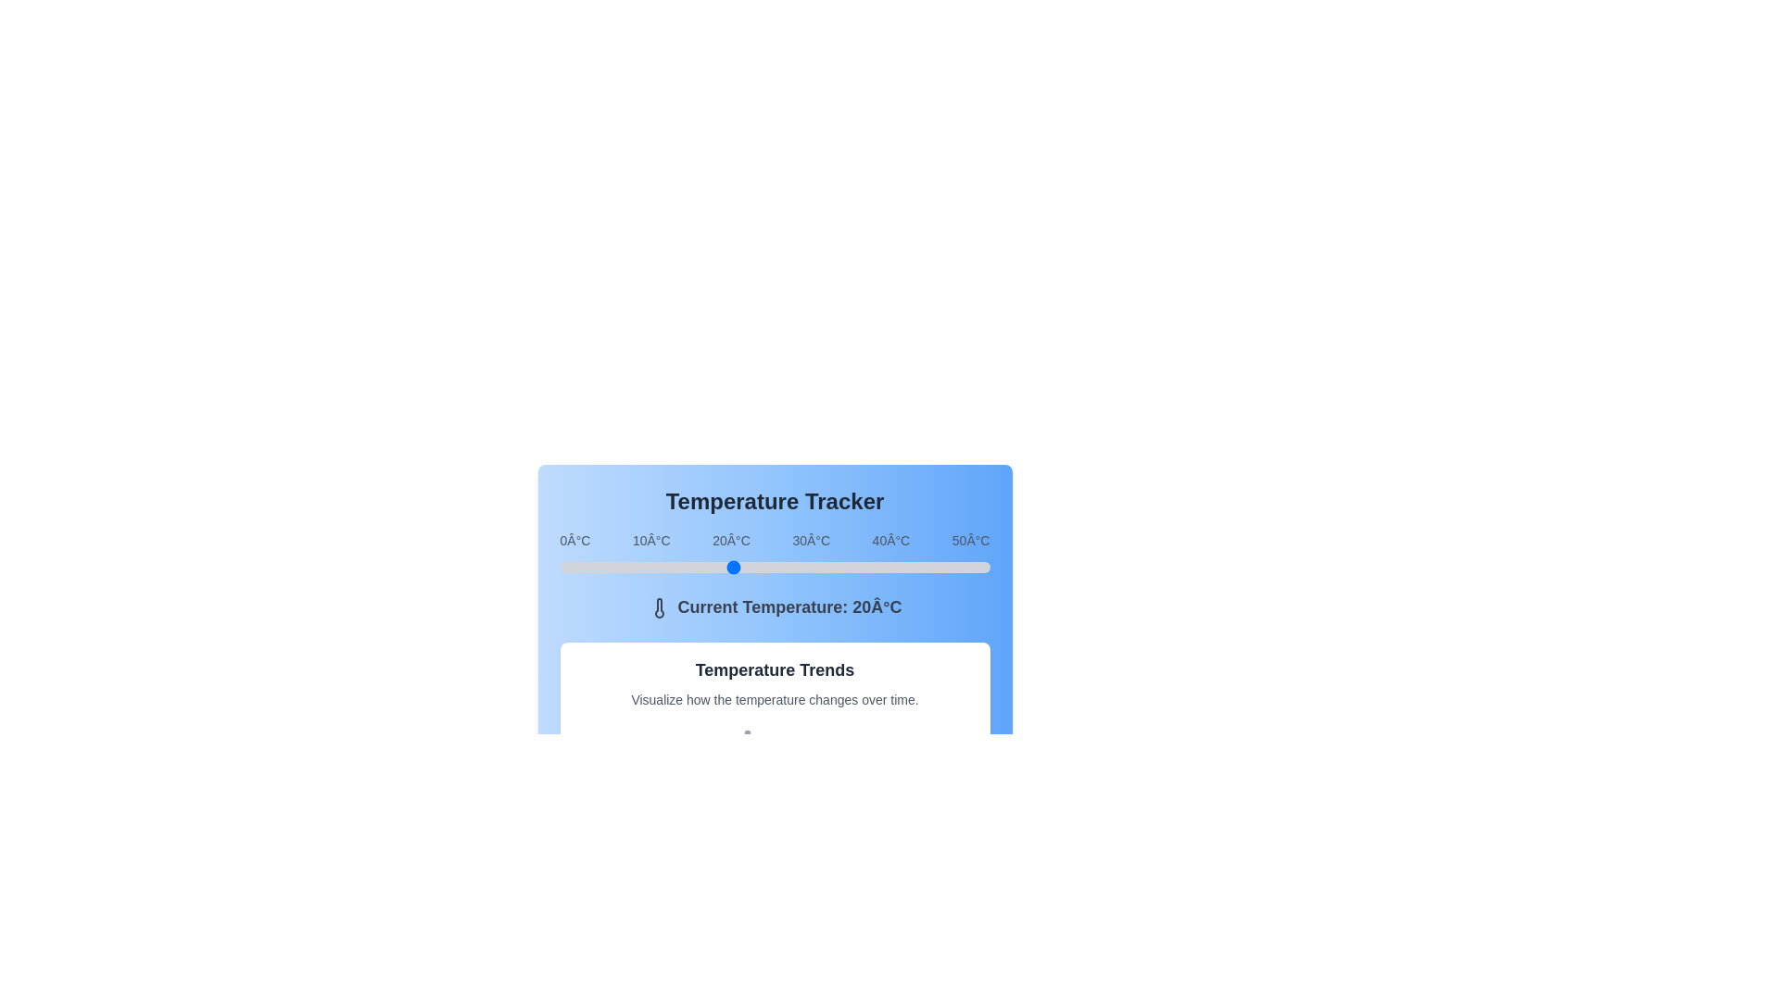  I want to click on the temperature slider to set the temperature to 32°C, so click(834, 567).